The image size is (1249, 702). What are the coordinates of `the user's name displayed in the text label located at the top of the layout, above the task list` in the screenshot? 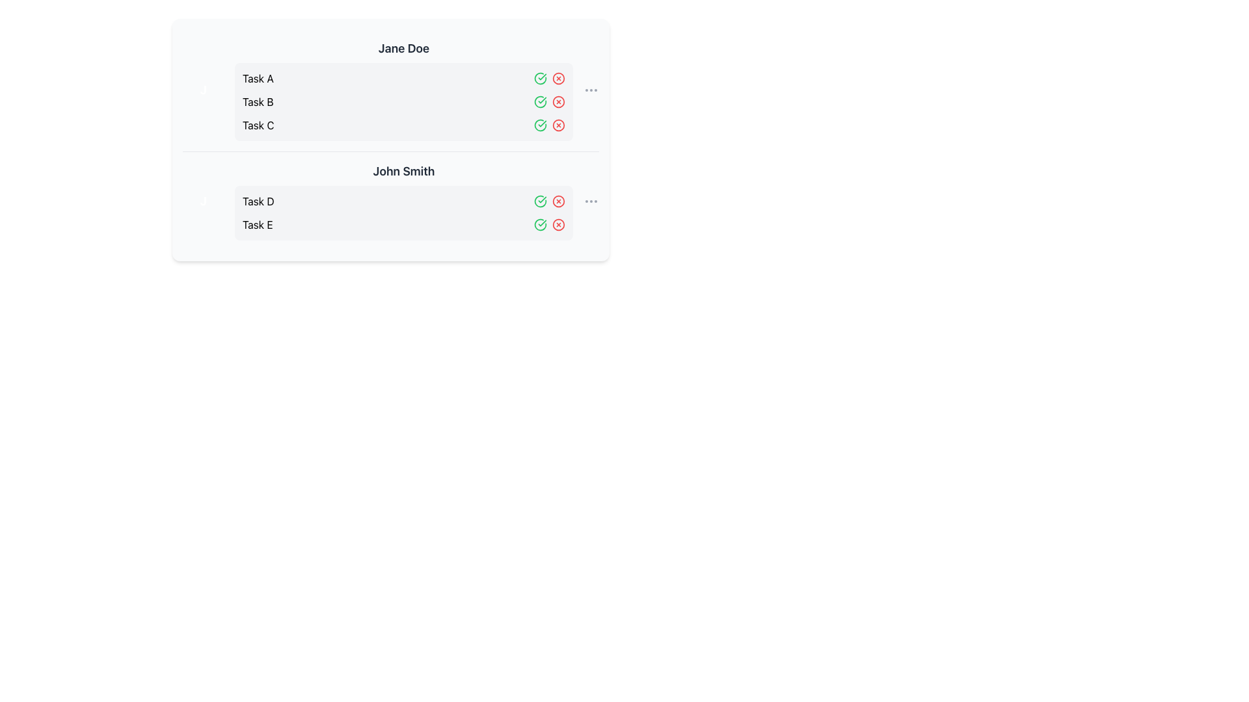 It's located at (403, 47).